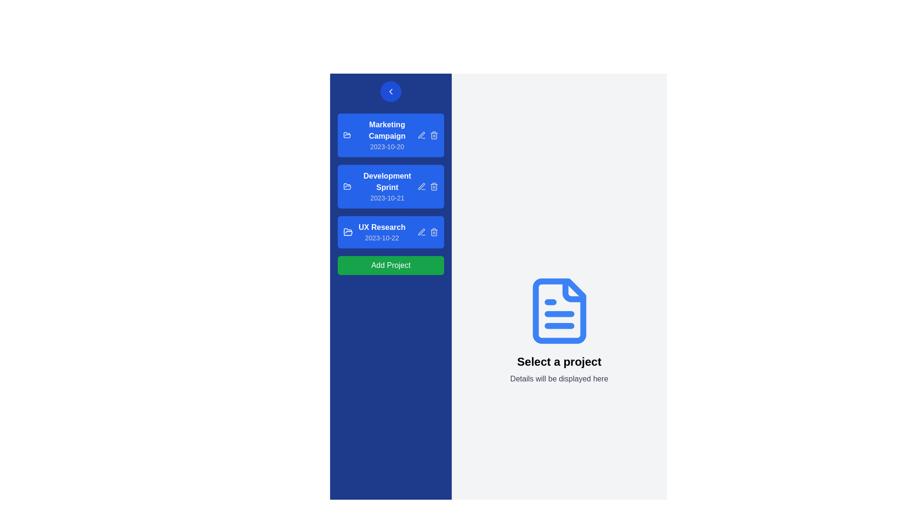  I want to click on the delete button for the 'Marketing Campaign' project, so click(433, 135).